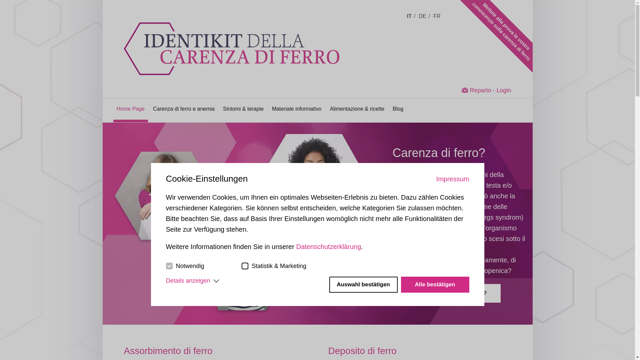  Describe the element at coordinates (418, 16) in the screenshot. I see `'DE'` at that location.